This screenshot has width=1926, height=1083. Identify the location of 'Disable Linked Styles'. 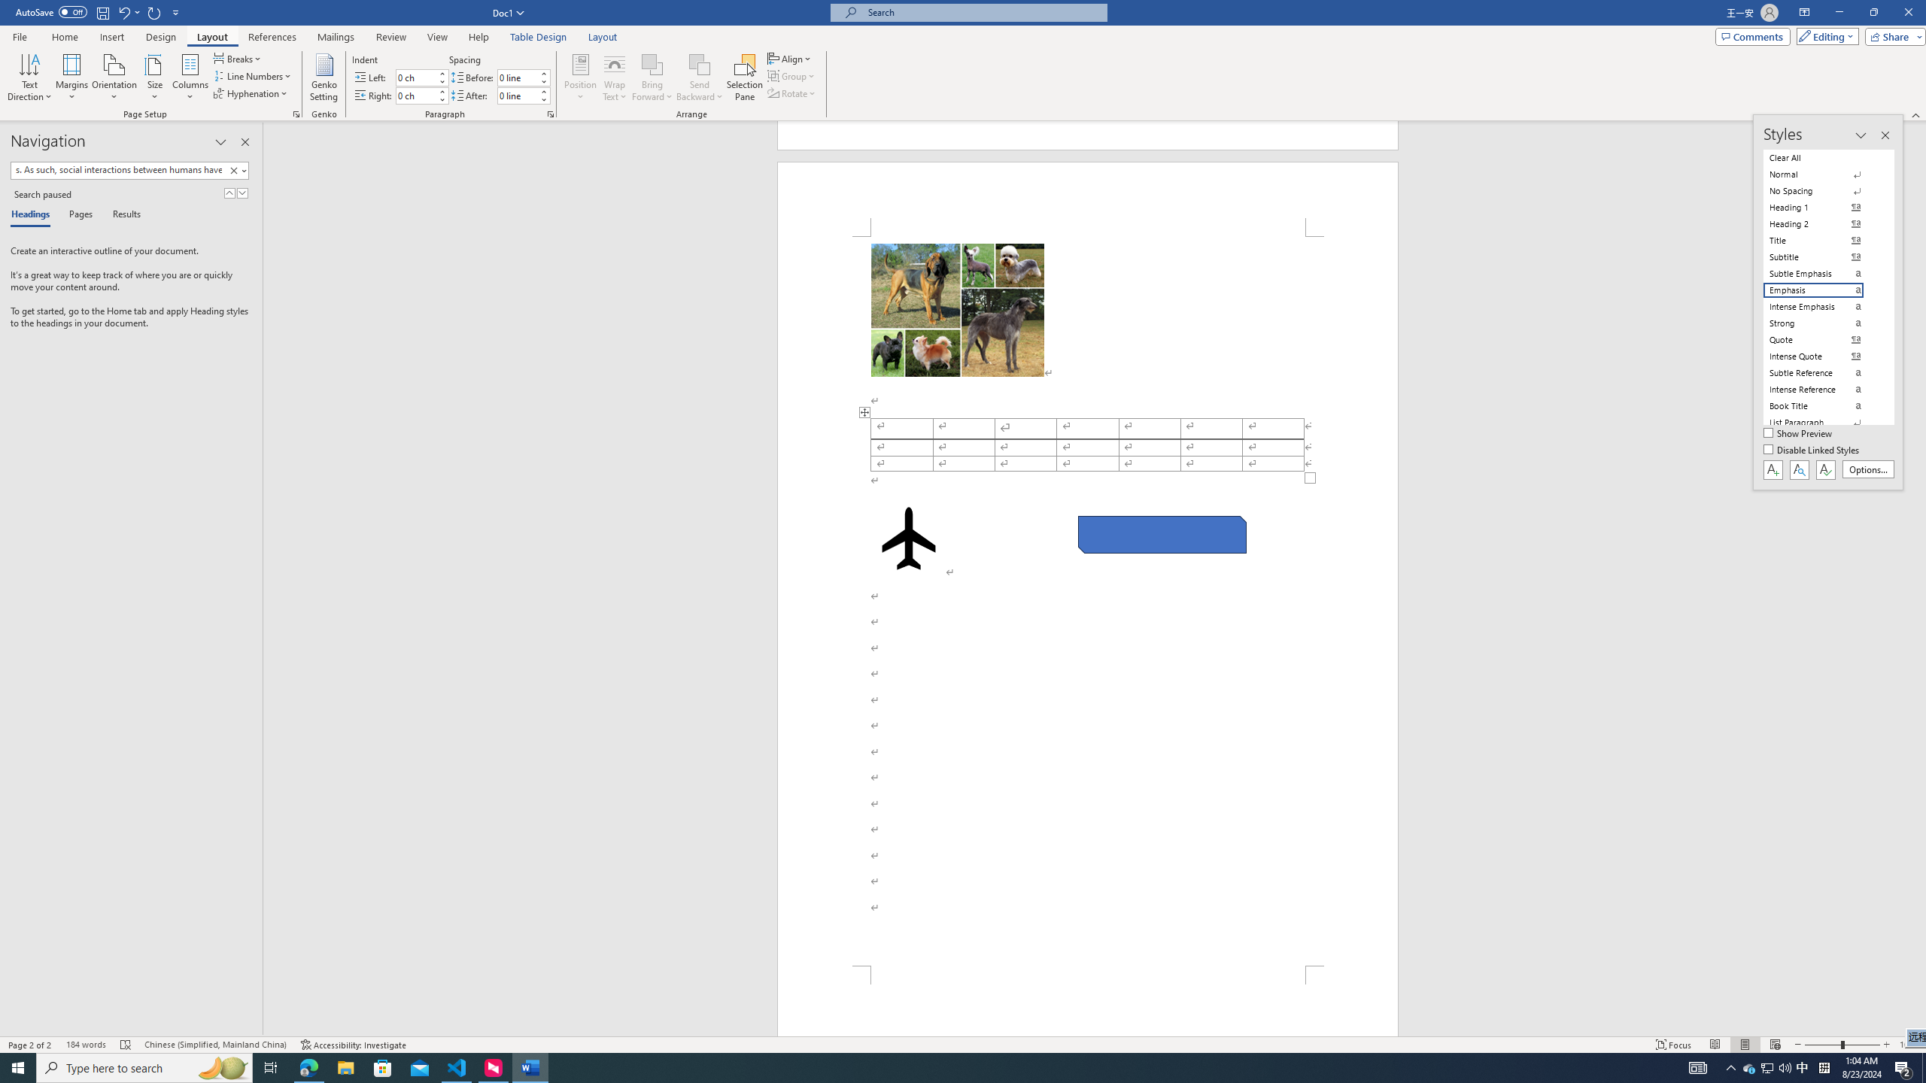
(1812, 450).